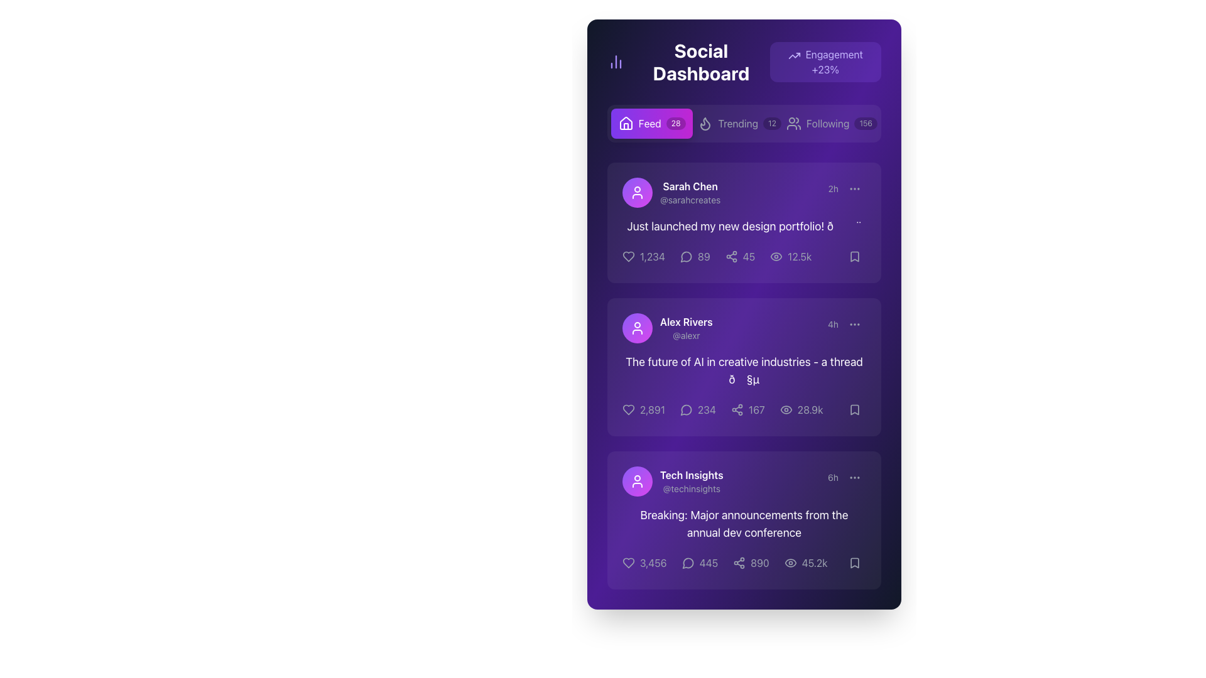 This screenshot has width=1206, height=678. What do you see at coordinates (744, 524) in the screenshot?
I see `the text label that displays 'Breaking: Major announcements from the annual dev conference.' which is located within the third content block, centered below the user's name and timestamp` at bounding box center [744, 524].